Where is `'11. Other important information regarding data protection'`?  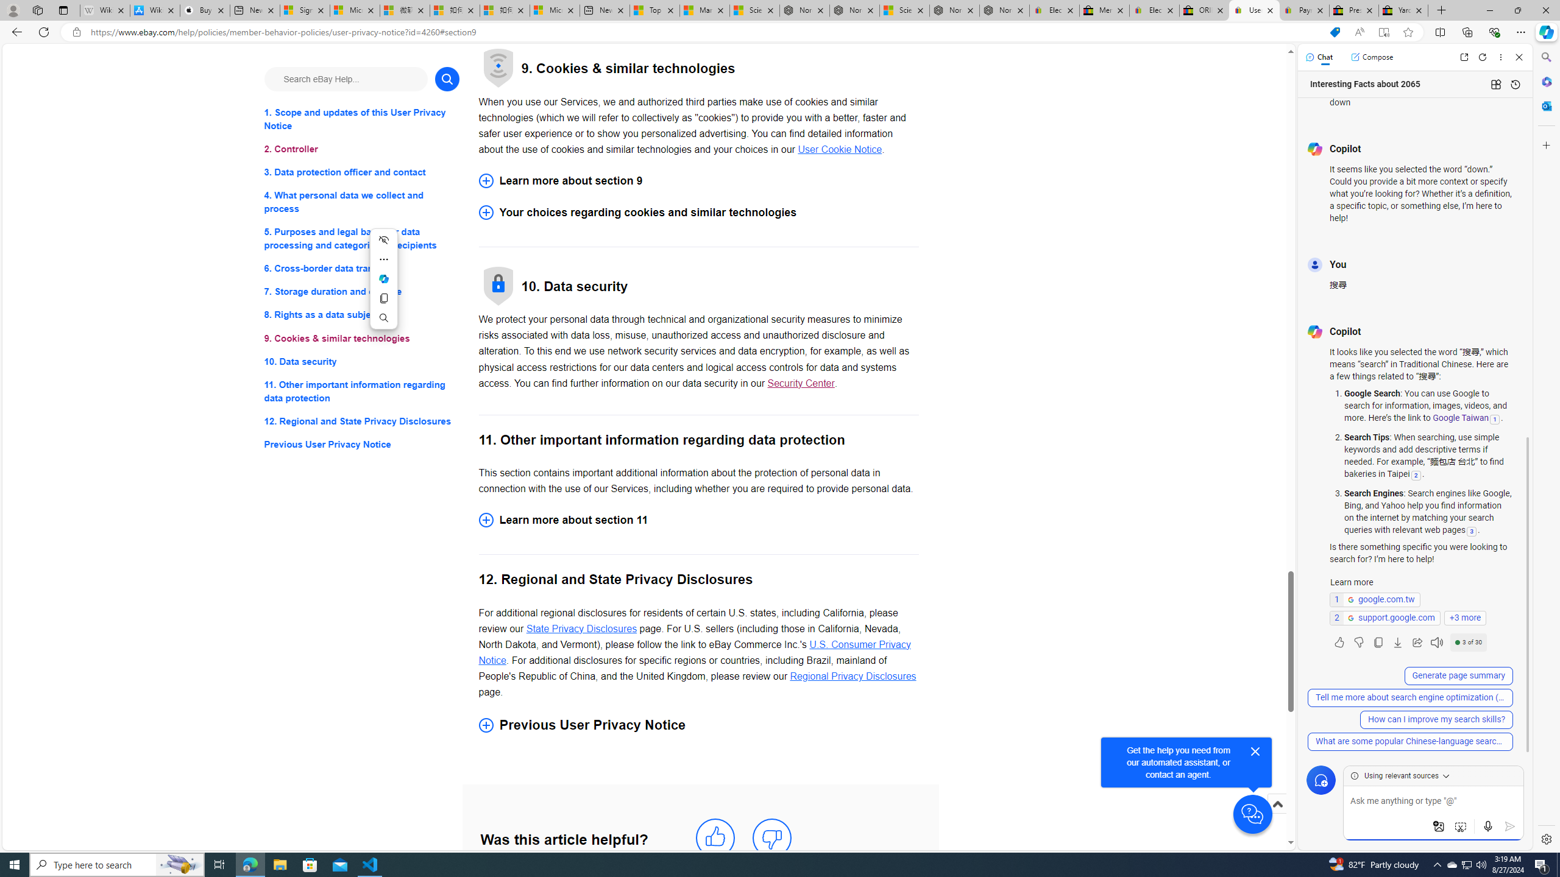
'11. Other important information regarding data protection' is located at coordinates (361, 391).